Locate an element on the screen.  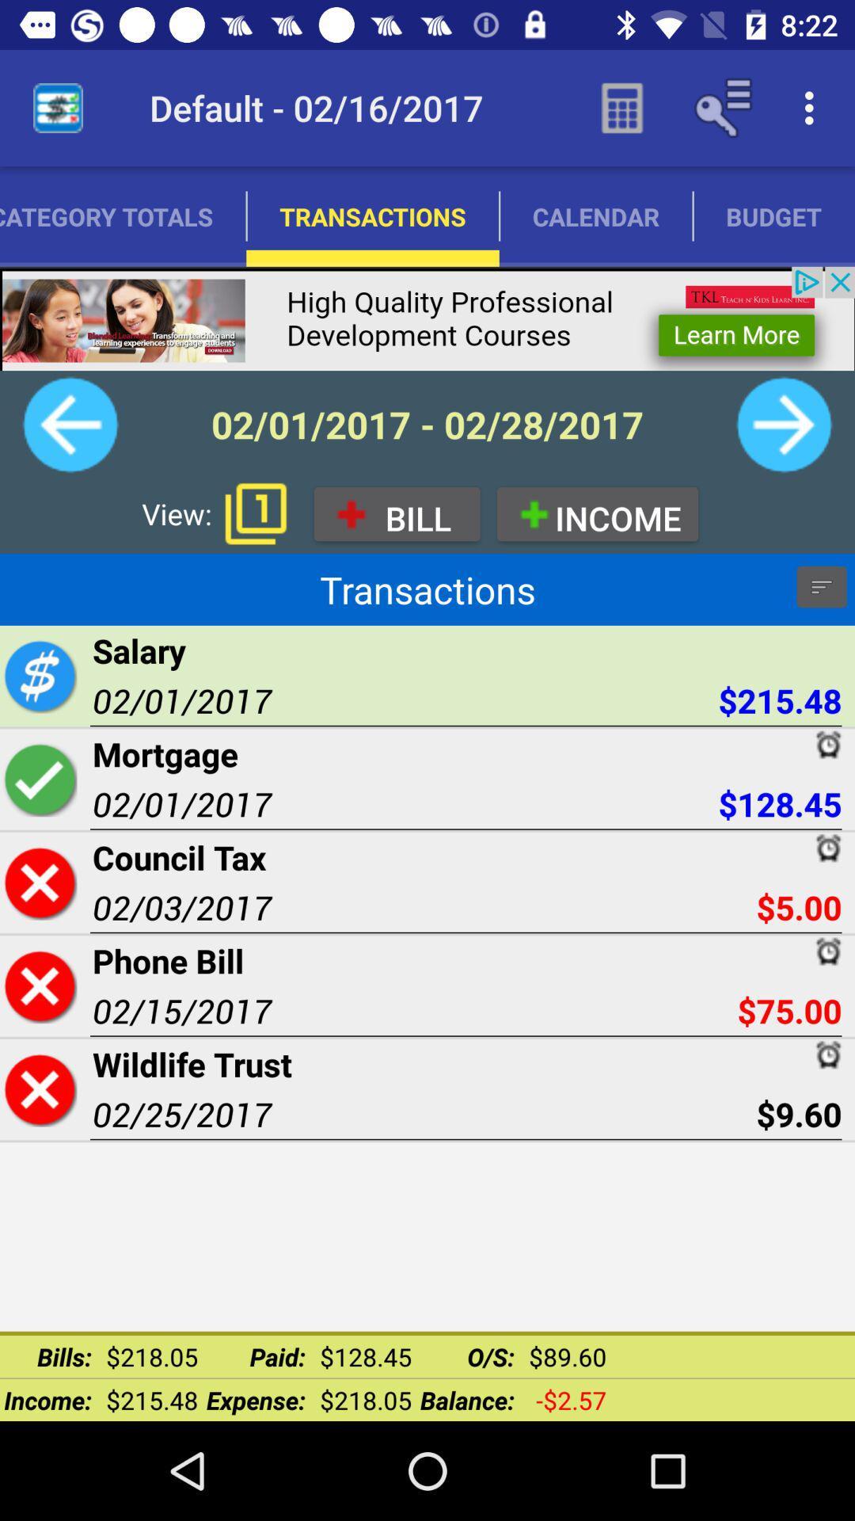
go back is located at coordinates (70, 425).